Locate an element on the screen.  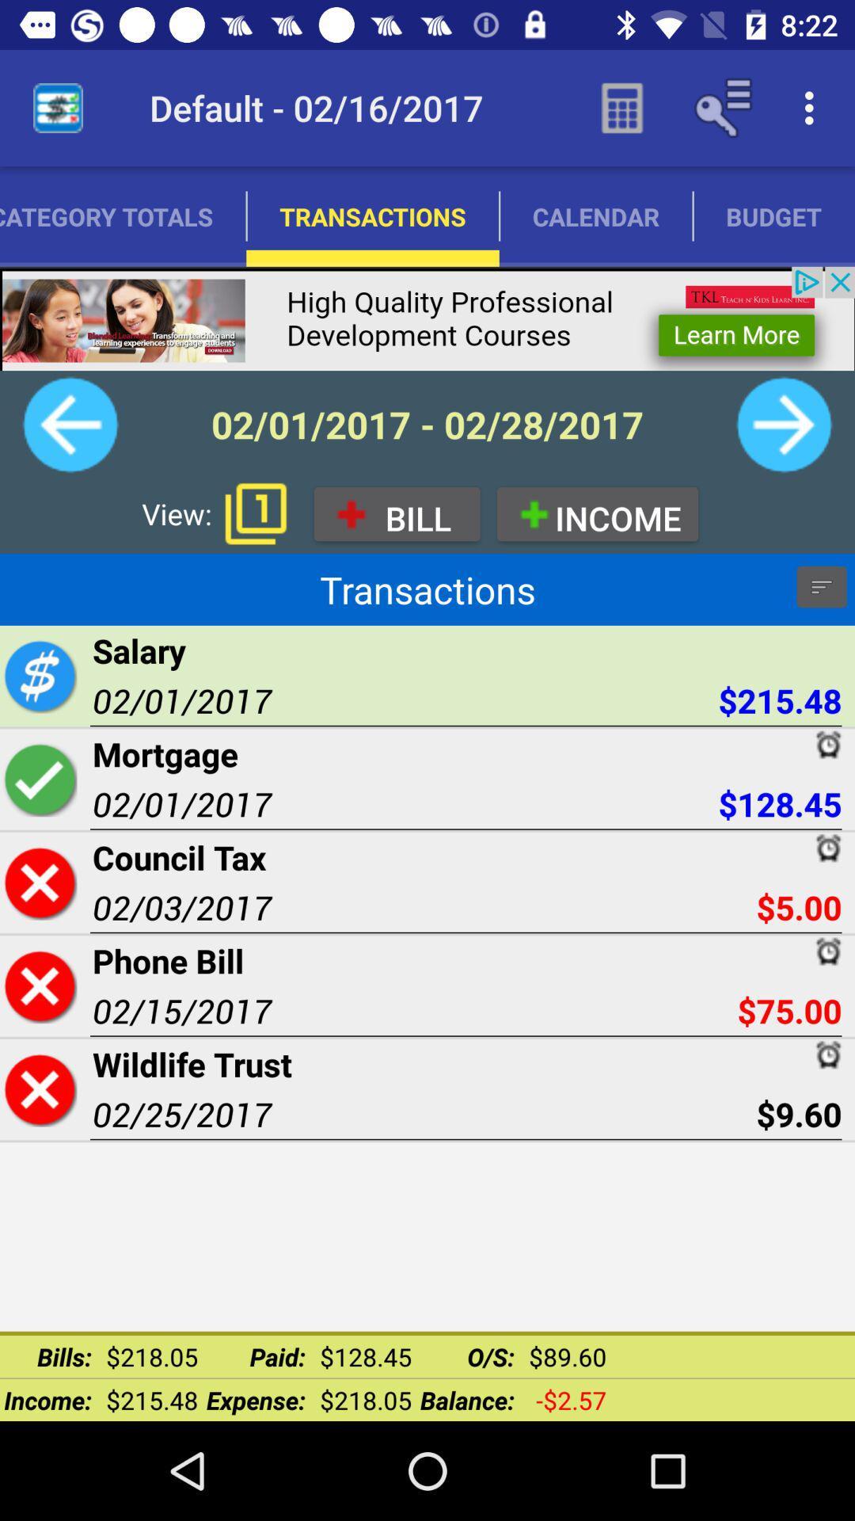
go back is located at coordinates (70, 425).